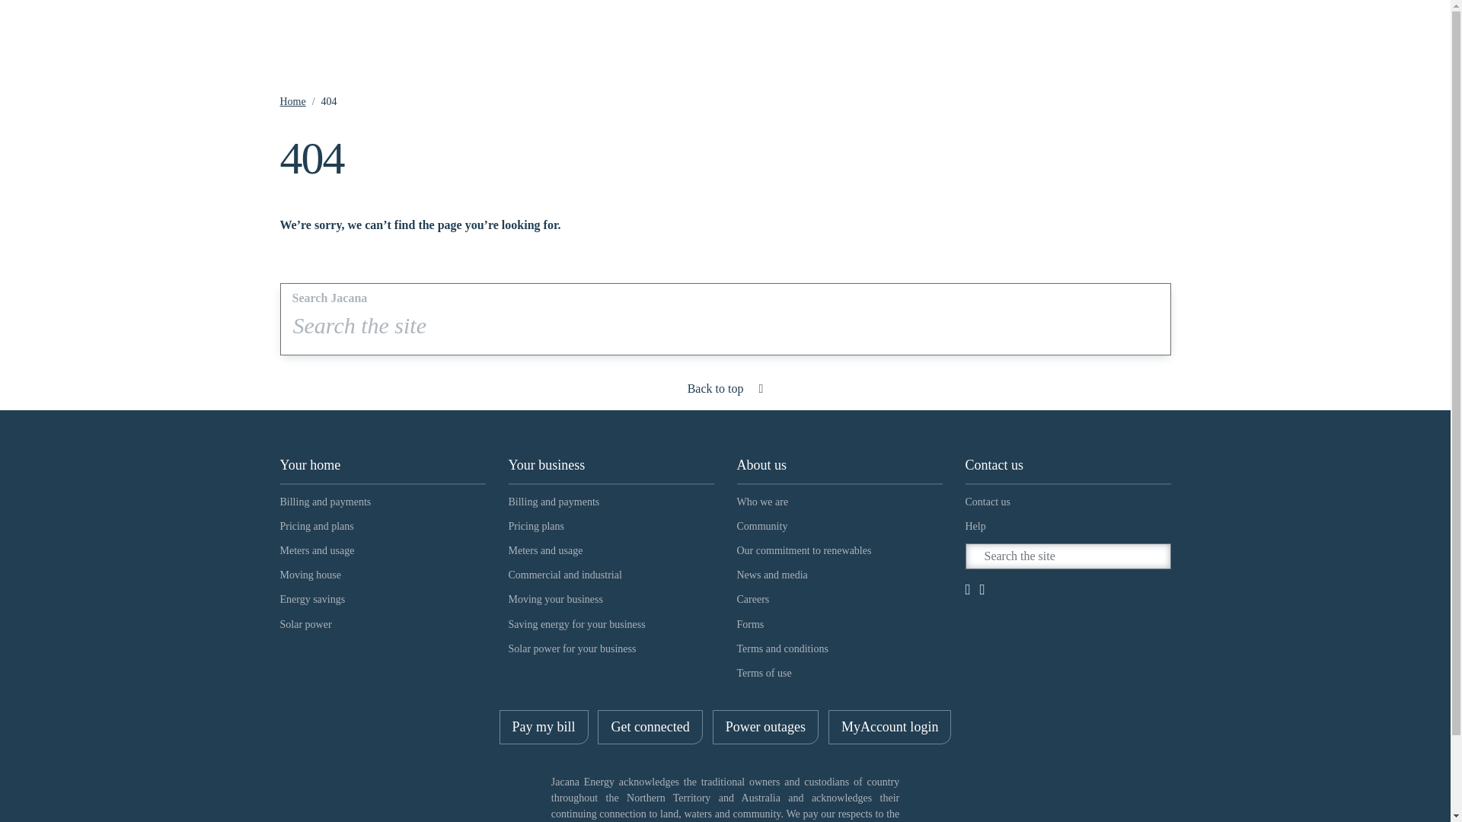 This screenshot has height=822, width=1462. I want to click on 'Energy savings', so click(280, 601).